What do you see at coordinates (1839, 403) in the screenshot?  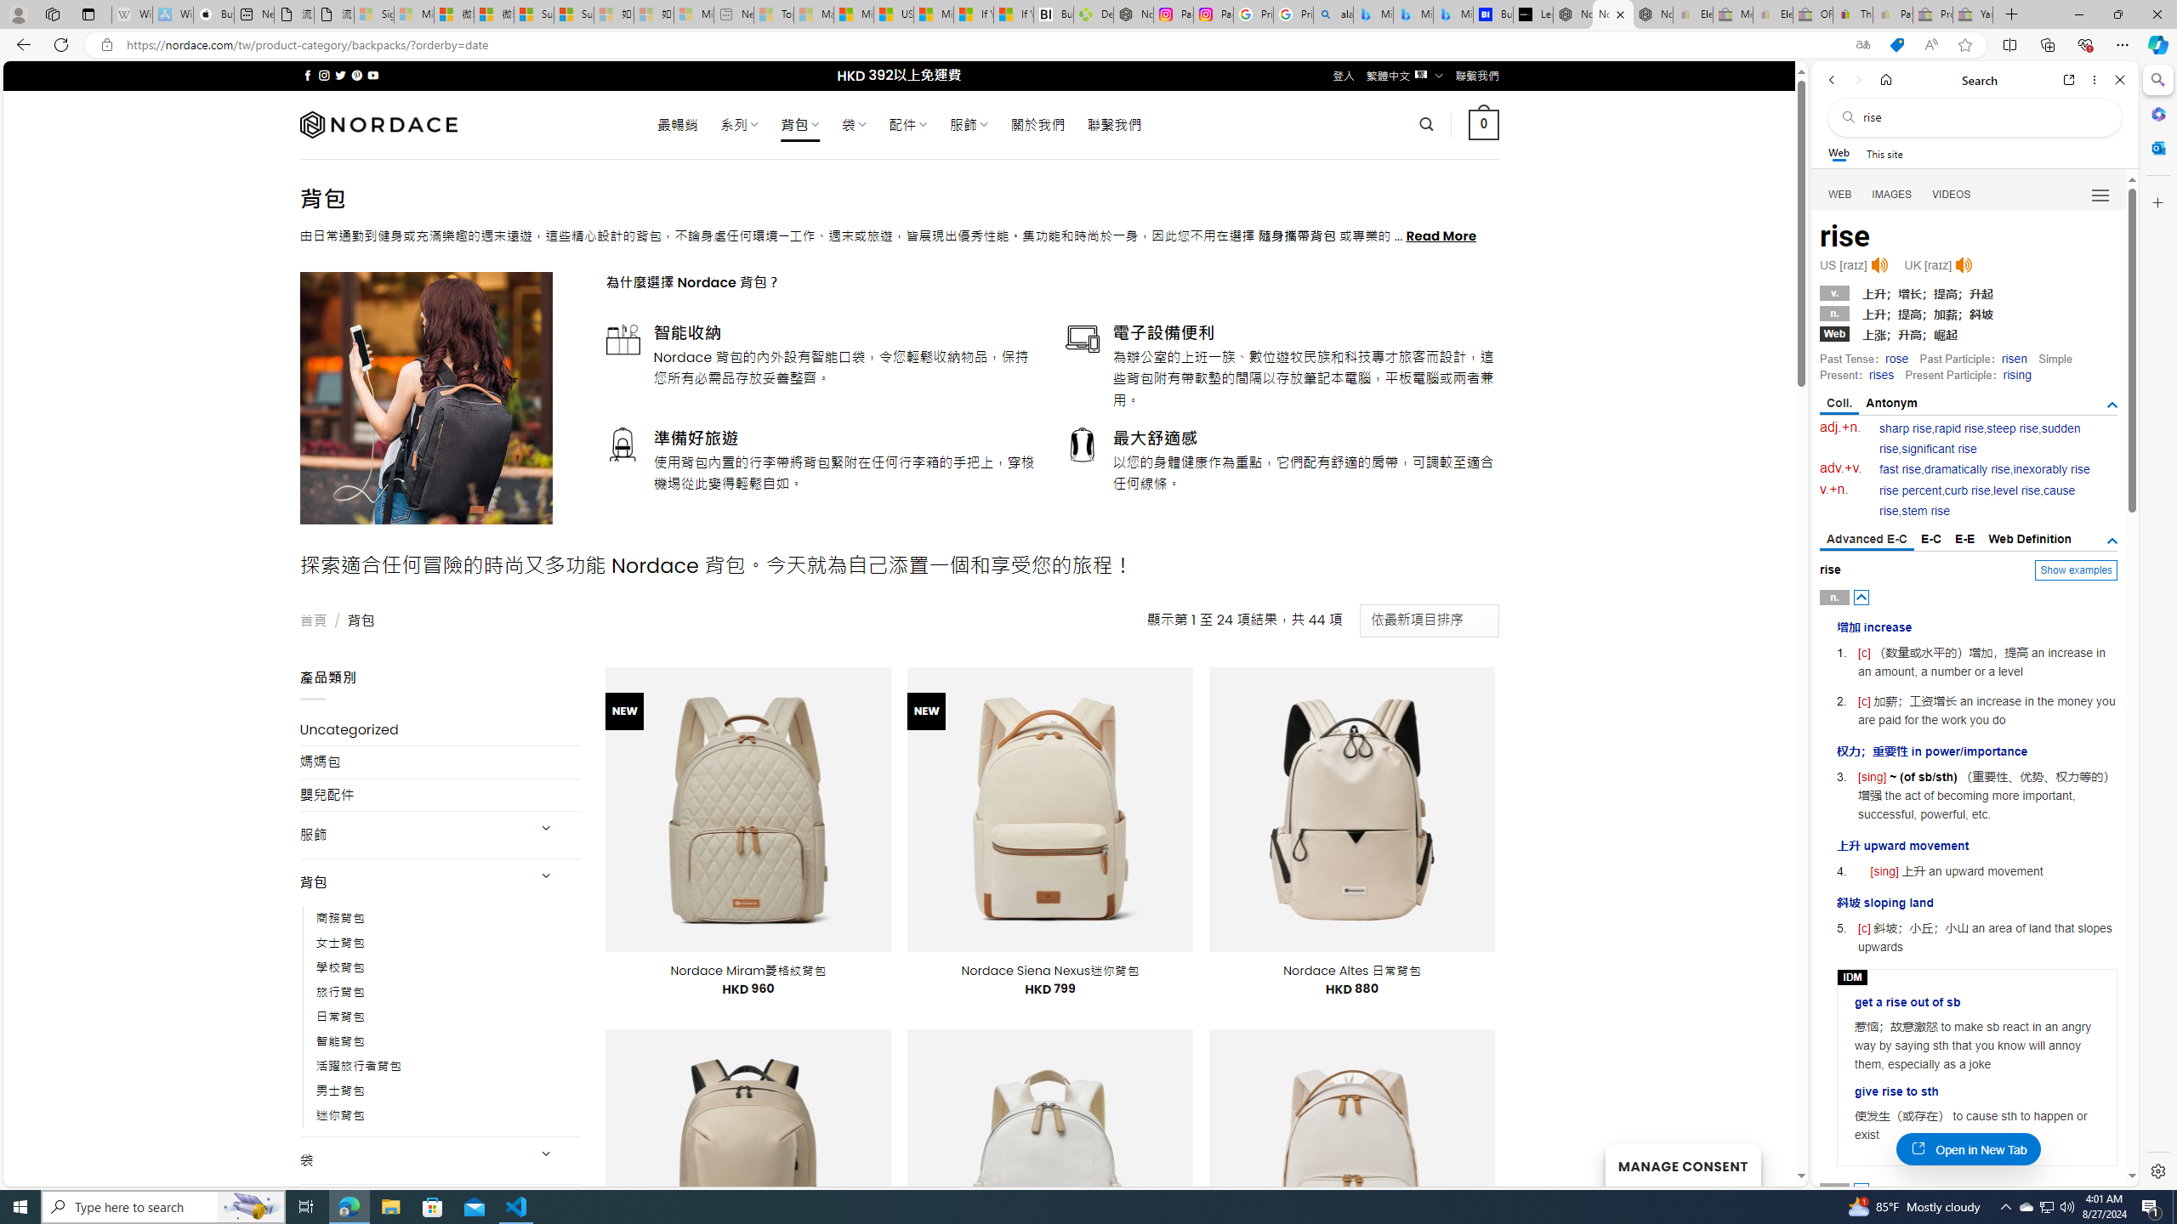 I see `'Coll.'` at bounding box center [1839, 403].